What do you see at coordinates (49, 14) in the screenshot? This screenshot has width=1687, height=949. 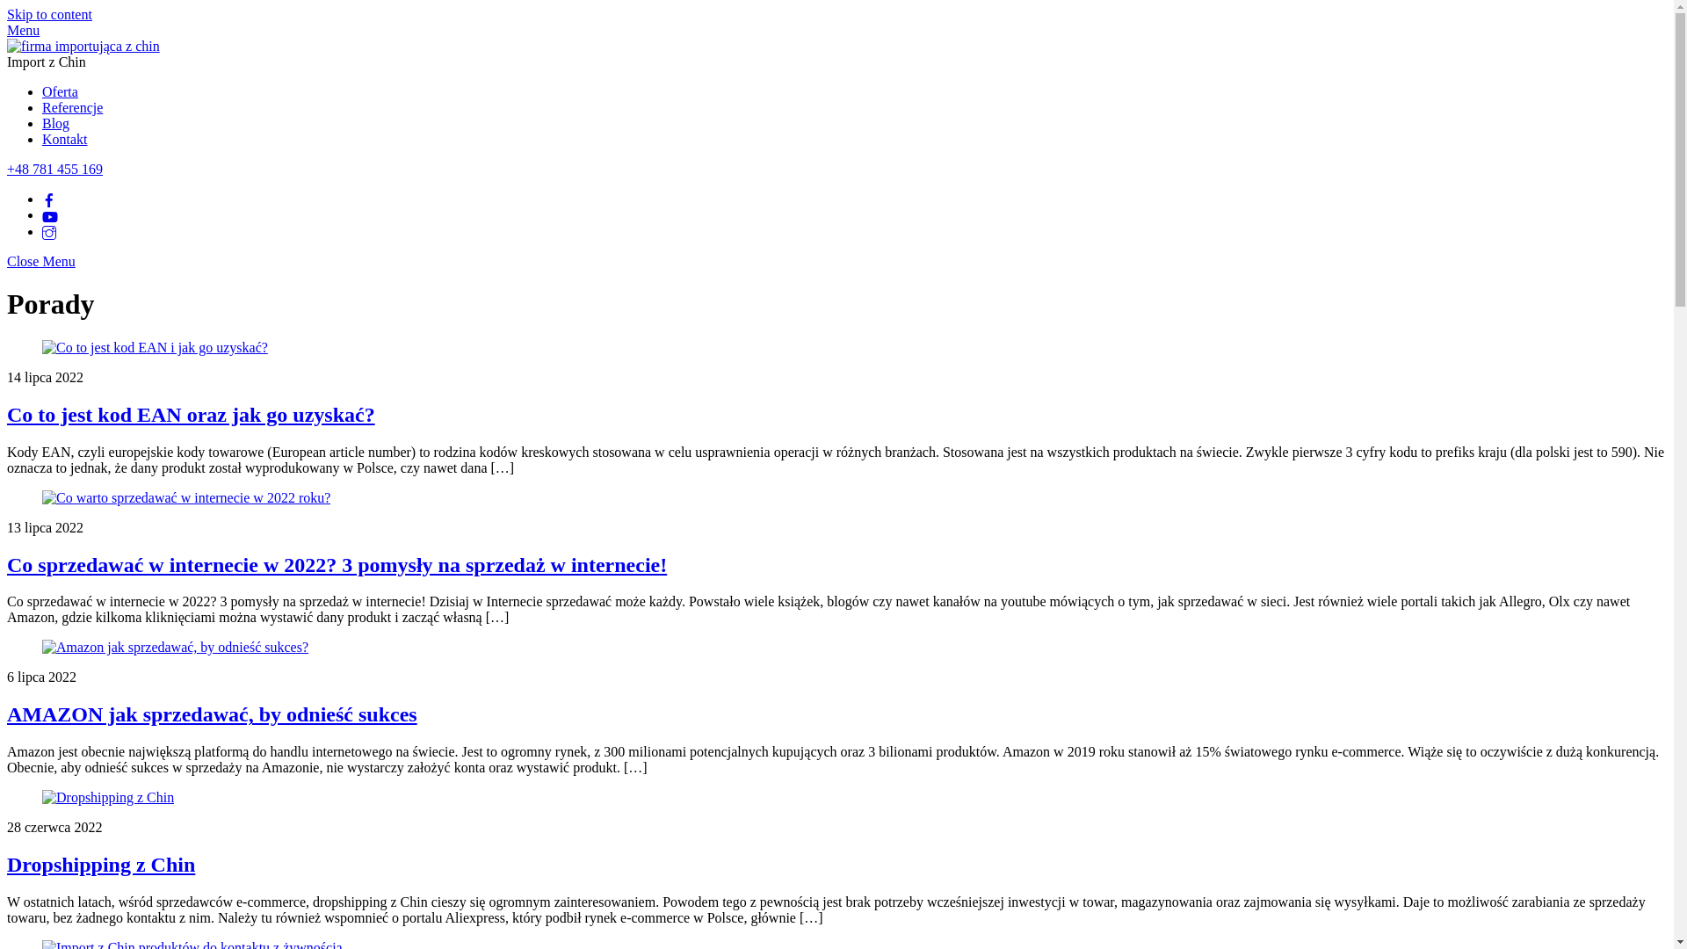 I see `'Skip to content'` at bounding box center [49, 14].